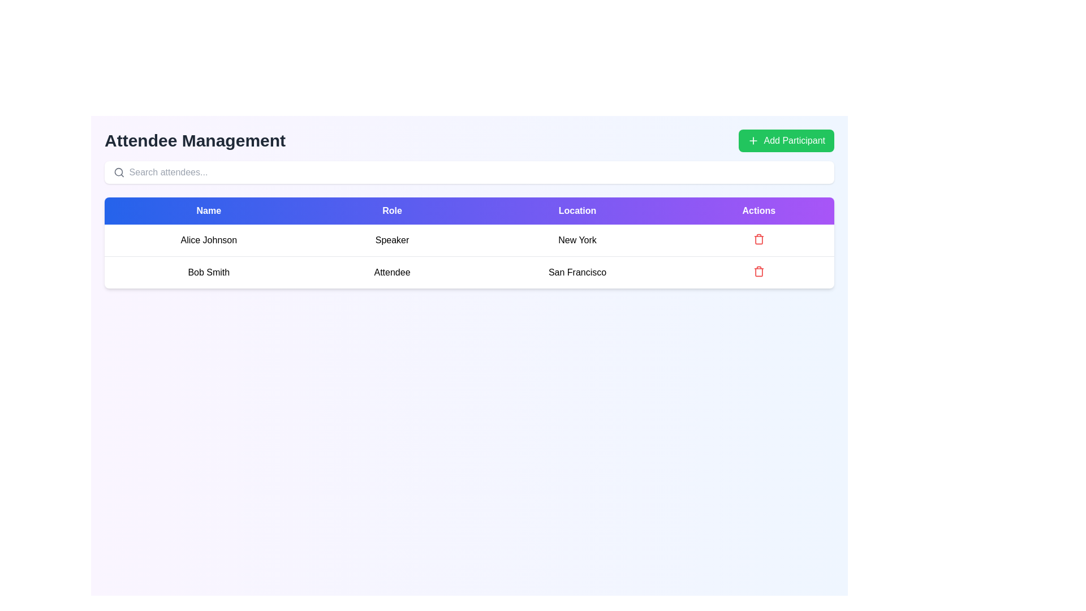  I want to click on the button located in the top-right corner of the interface, adjacent to the 'Attendee Management' subtitle, so click(786, 140).